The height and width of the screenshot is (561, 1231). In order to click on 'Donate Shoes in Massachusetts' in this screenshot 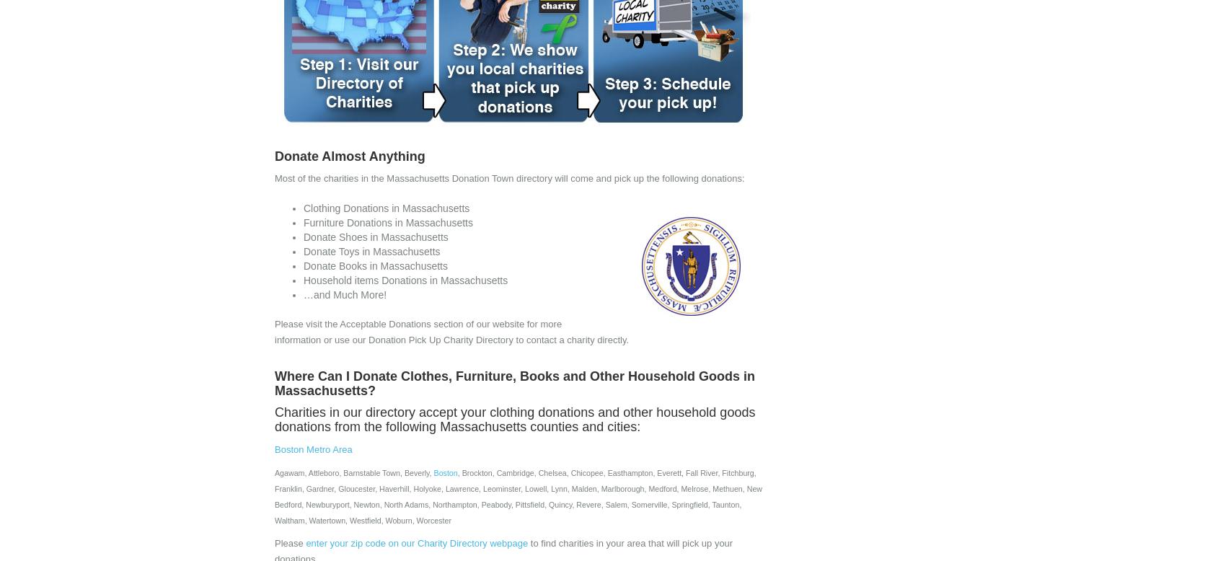, I will do `click(375, 237)`.